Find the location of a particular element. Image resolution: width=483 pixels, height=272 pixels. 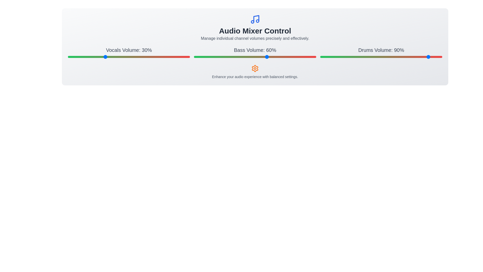

the slider handle to set the volume to 45% for the selected channel is located at coordinates (123, 57).